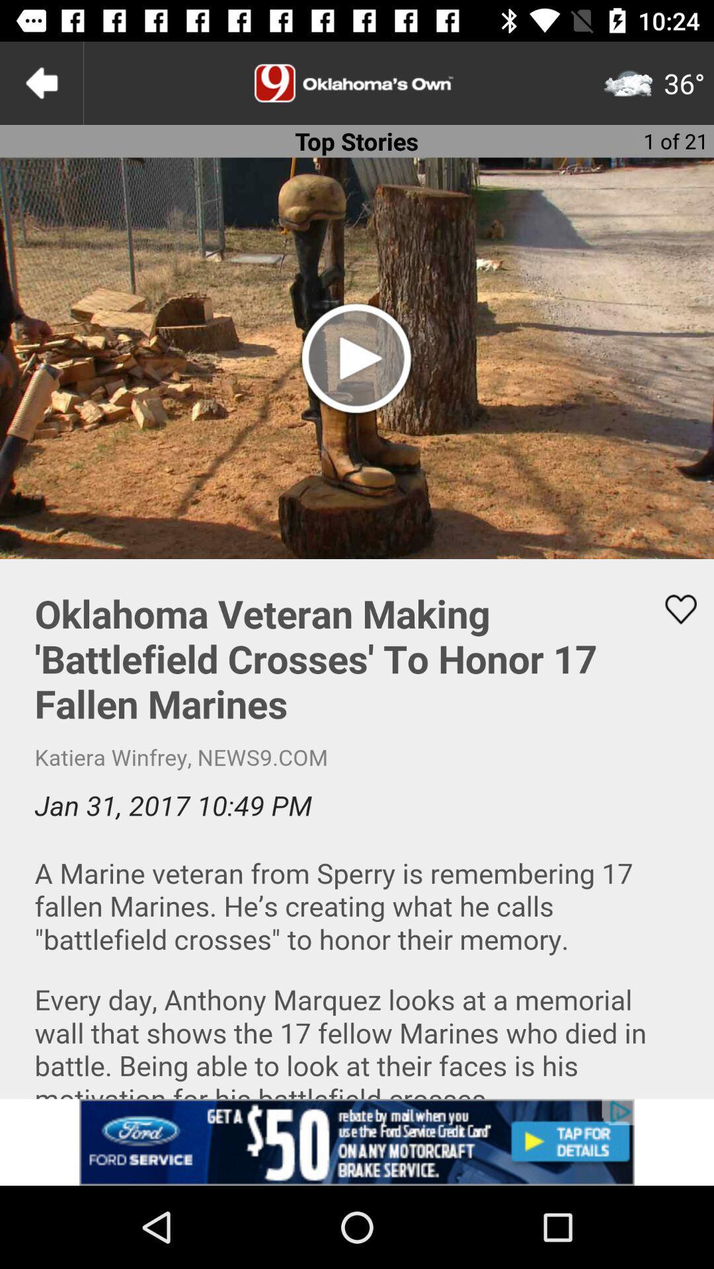 The height and width of the screenshot is (1269, 714). What do you see at coordinates (672, 609) in the screenshot?
I see `adds story to favorites` at bounding box center [672, 609].